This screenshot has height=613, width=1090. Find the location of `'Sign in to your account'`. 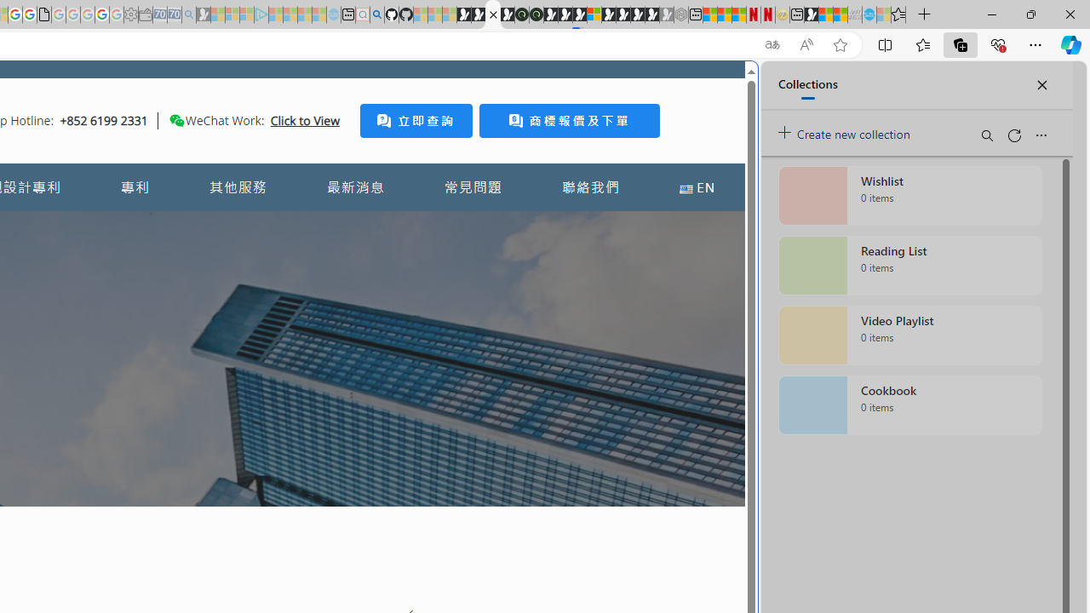

'Sign in to your account' is located at coordinates (594, 14).